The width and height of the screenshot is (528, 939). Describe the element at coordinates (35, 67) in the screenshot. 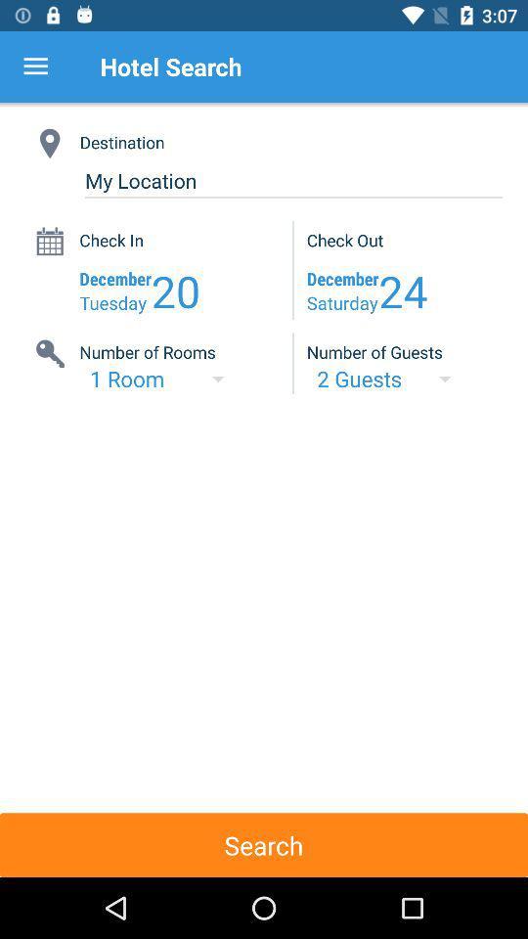

I see `icon to the left of the hotel search icon` at that location.